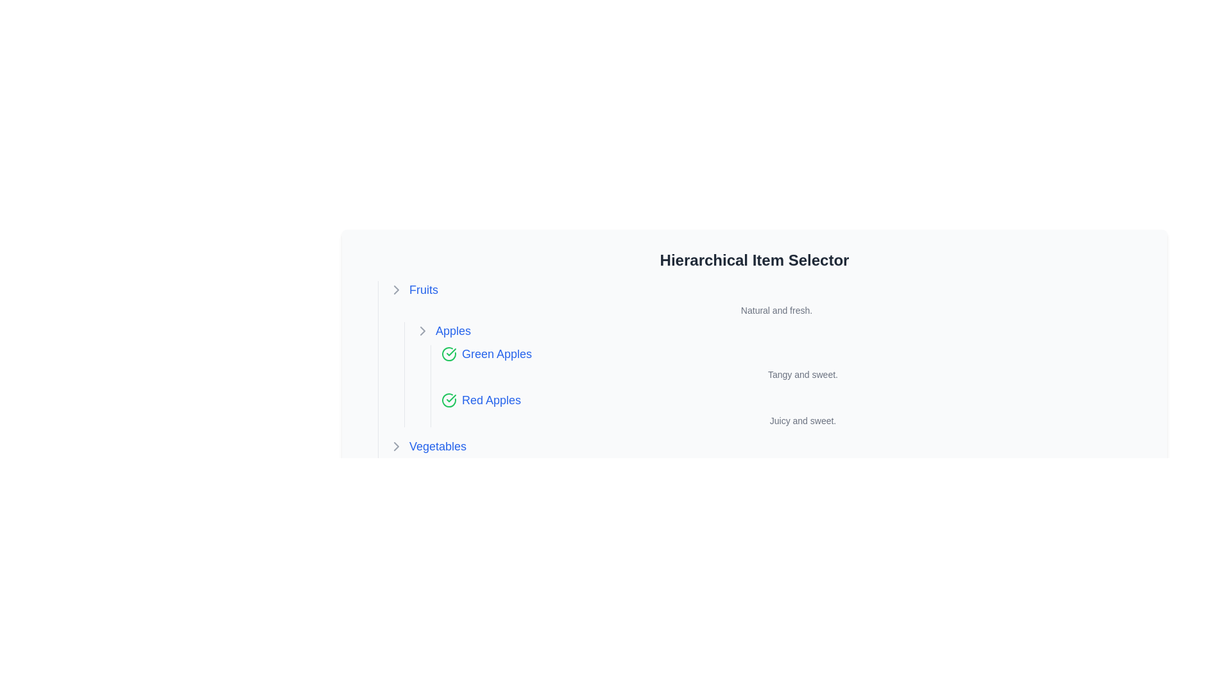  What do you see at coordinates (449, 400) in the screenshot?
I see `the green checkmark icon indicating 'success' status, located to the left of the 'Red Apples' label in the hierarchical item list` at bounding box center [449, 400].